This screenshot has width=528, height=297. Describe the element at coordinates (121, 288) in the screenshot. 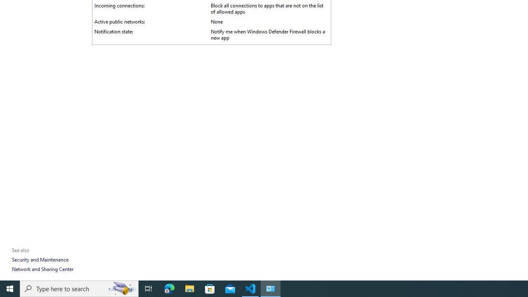

I see `'Search highlights icon opens search home window'` at that location.